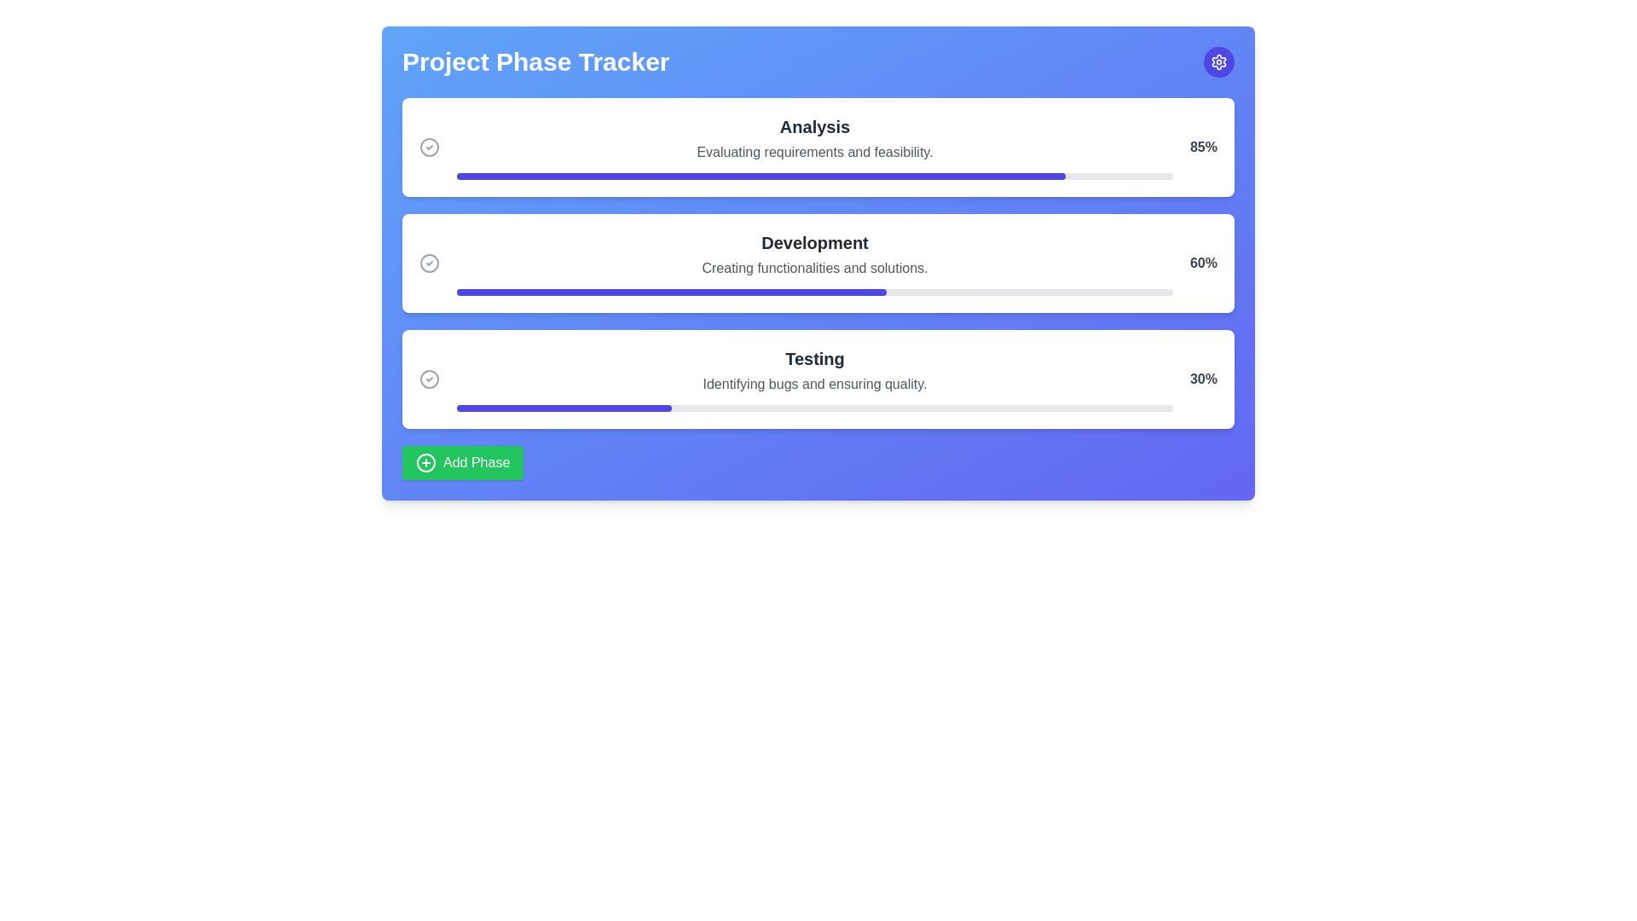 This screenshot has width=1637, height=921. Describe the element at coordinates (1218, 61) in the screenshot. I see `the circular gear icon located in the top-right corner of the user interface` at that location.